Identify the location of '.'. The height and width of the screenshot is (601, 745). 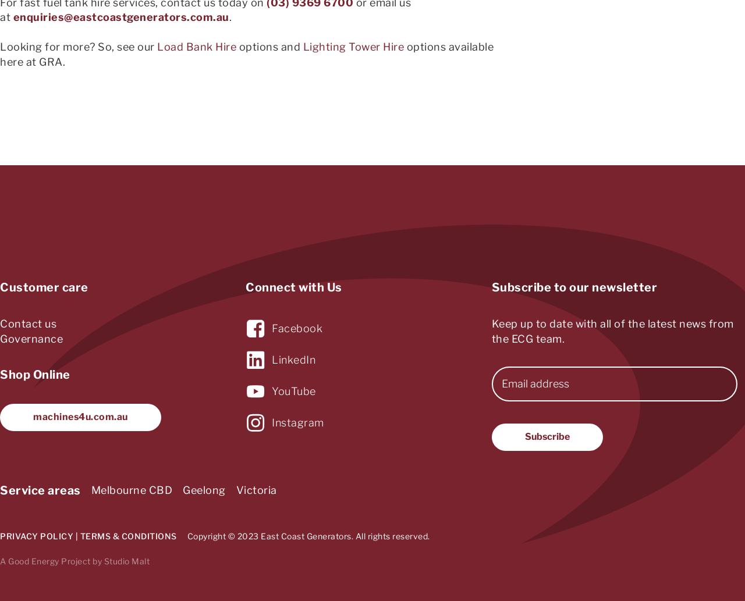
(230, 17).